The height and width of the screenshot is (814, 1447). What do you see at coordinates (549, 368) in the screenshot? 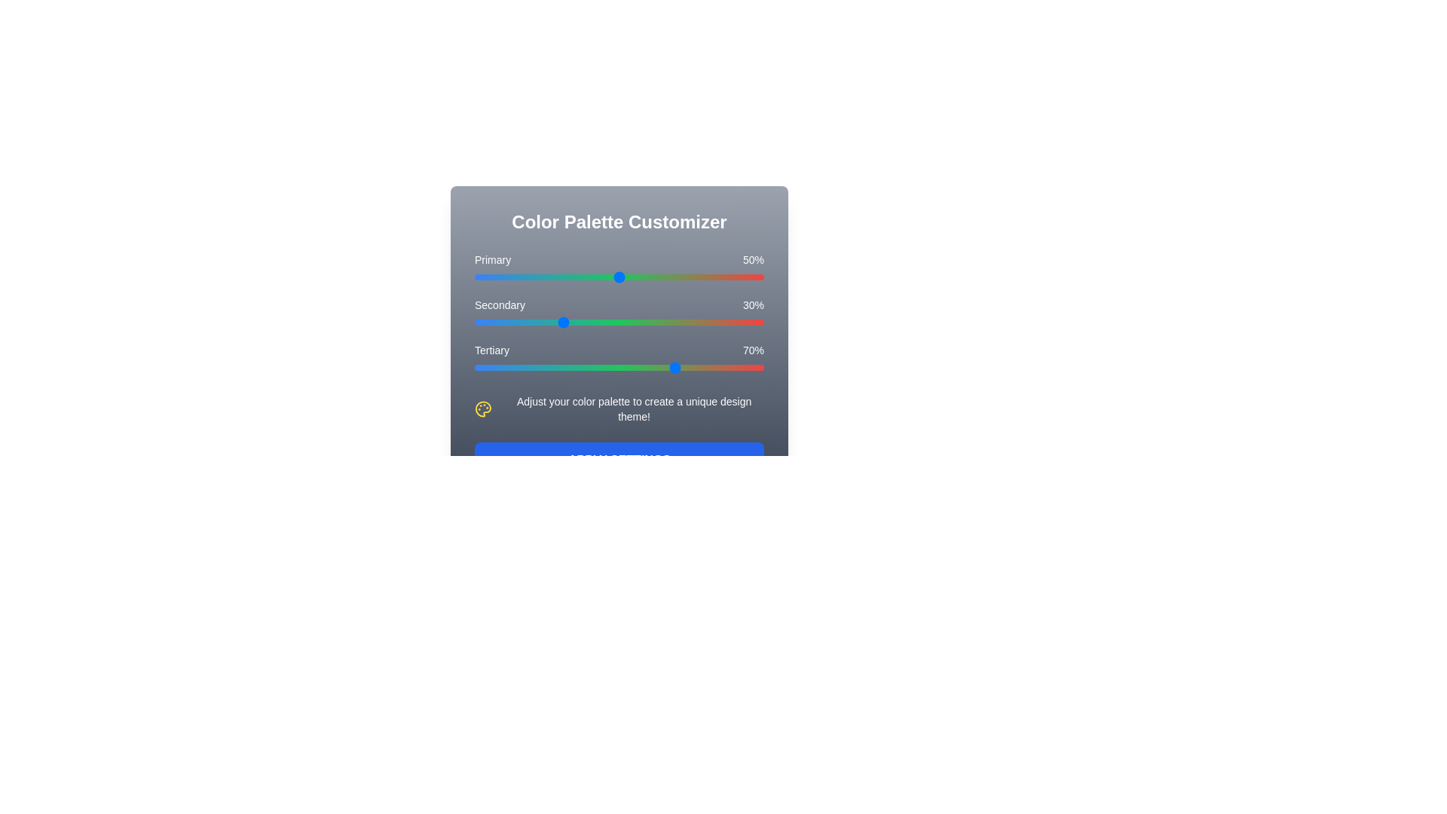
I see `the tertiary color value` at bounding box center [549, 368].